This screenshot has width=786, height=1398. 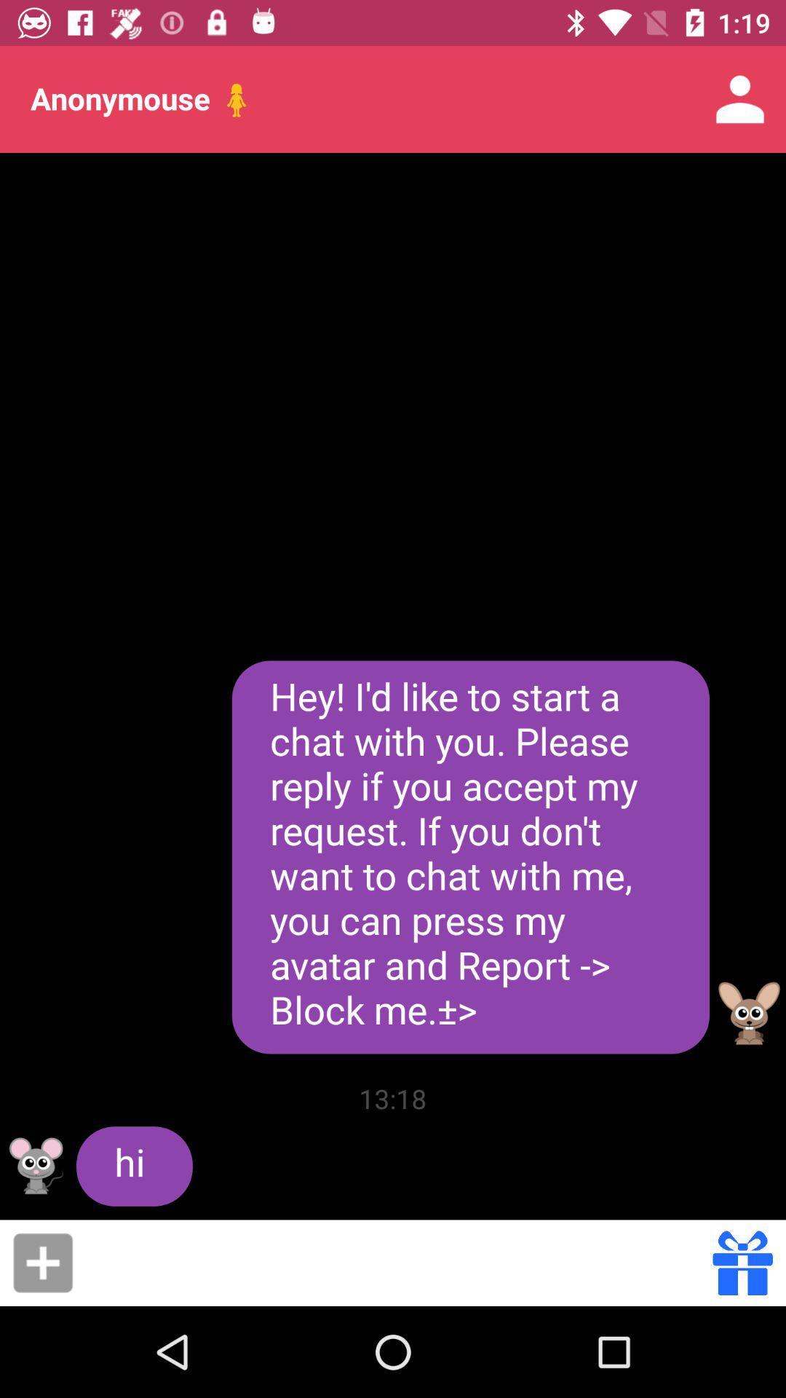 I want to click on chat message, so click(x=397, y=1262).